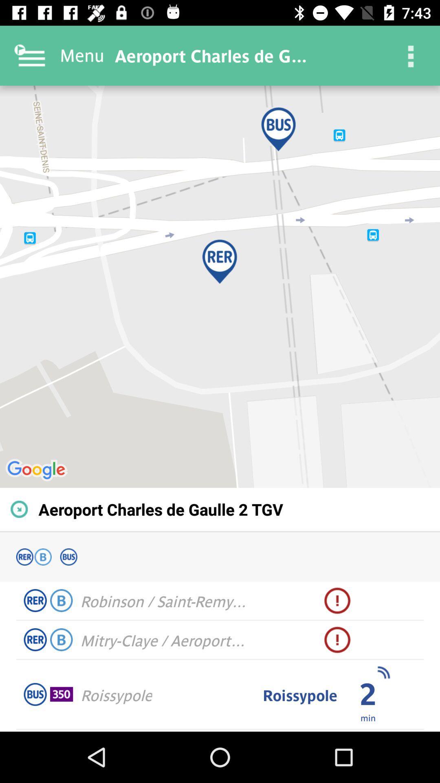 The image size is (440, 783). Describe the element at coordinates (337, 639) in the screenshot. I see `item to the right of mitry claye aeroport` at that location.